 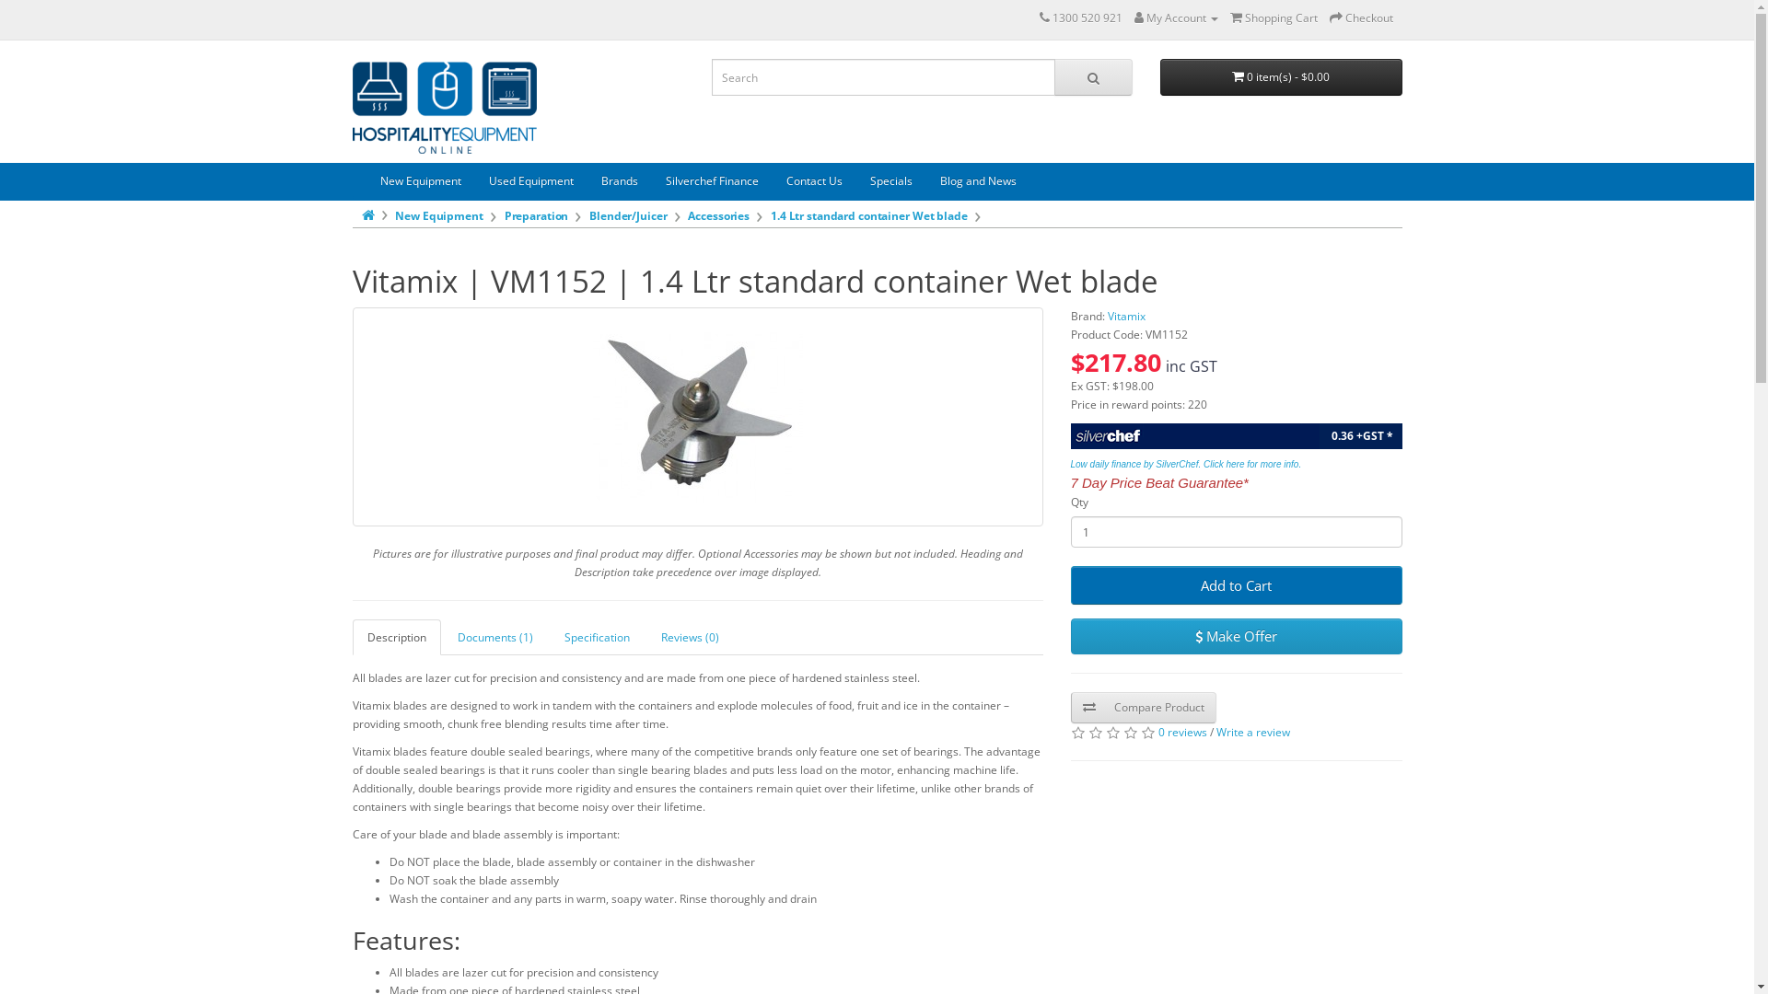 I want to click on '7 Day Price Beat Guarantee*', so click(x=1157, y=482).